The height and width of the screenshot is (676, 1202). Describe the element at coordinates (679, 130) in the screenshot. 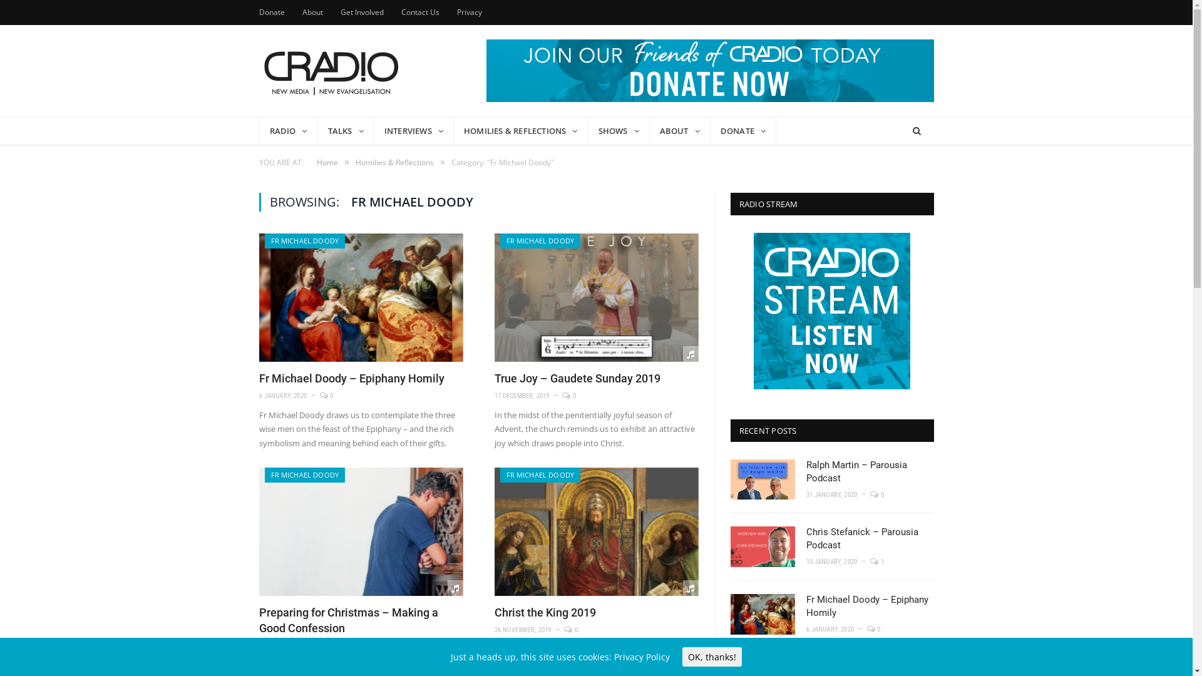

I see `'ABOUT'` at that location.